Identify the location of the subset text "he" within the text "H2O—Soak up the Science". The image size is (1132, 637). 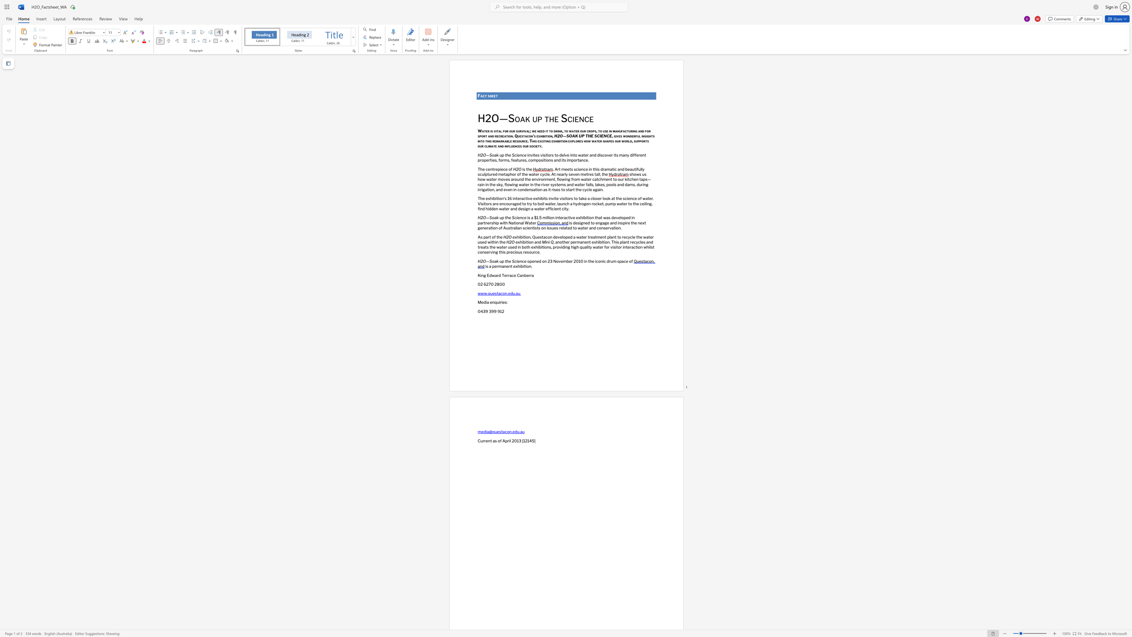
(506, 217).